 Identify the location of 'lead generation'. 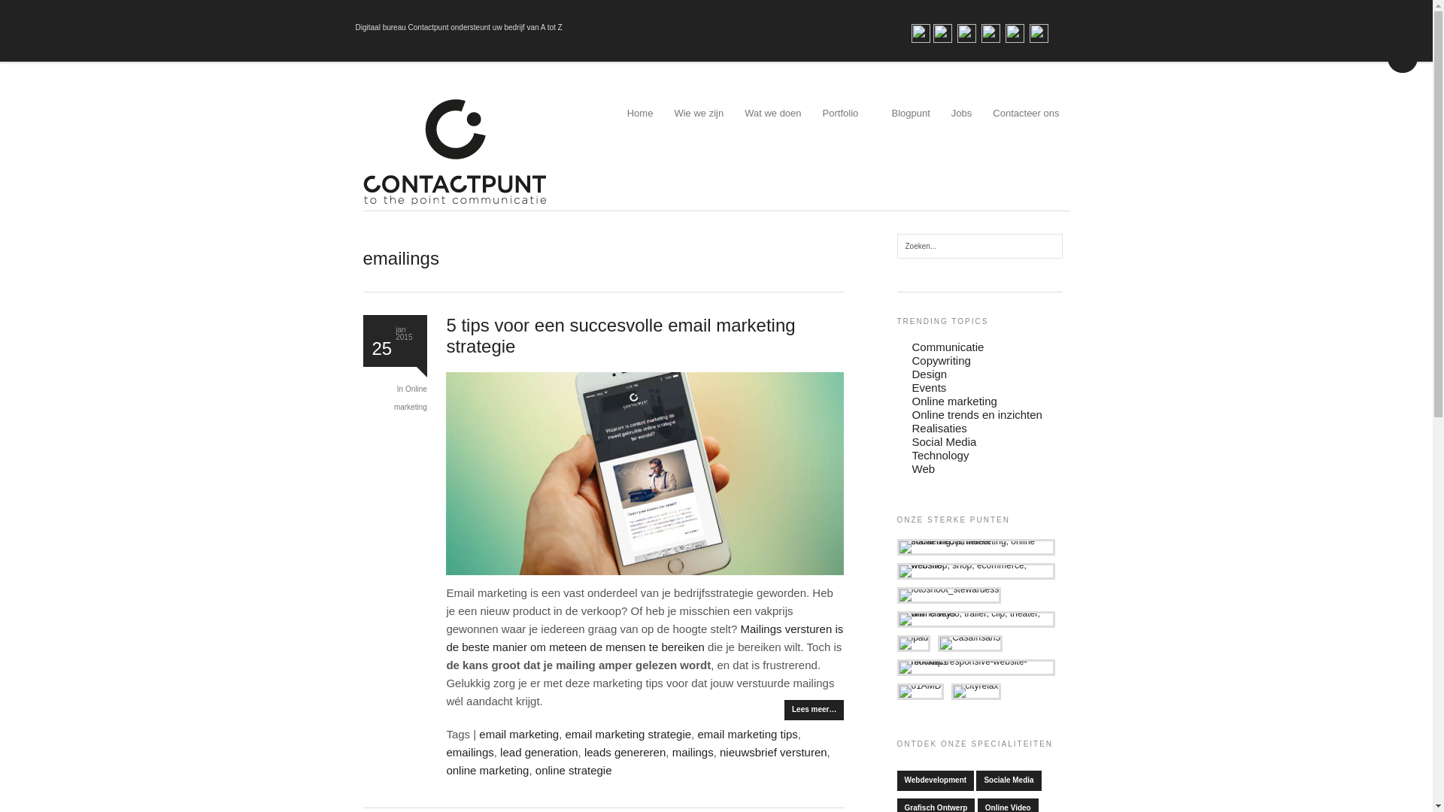
(538, 752).